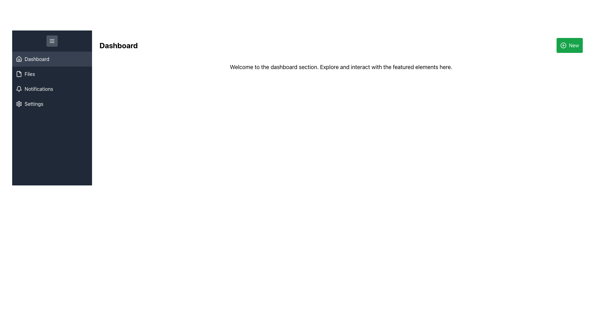 This screenshot has height=336, width=599. What do you see at coordinates (19, 104) in the screenshot?
I see `the cogwheel icon representing the settings menu option located in the vertical navigation bar` at bounding box center [19, 104].